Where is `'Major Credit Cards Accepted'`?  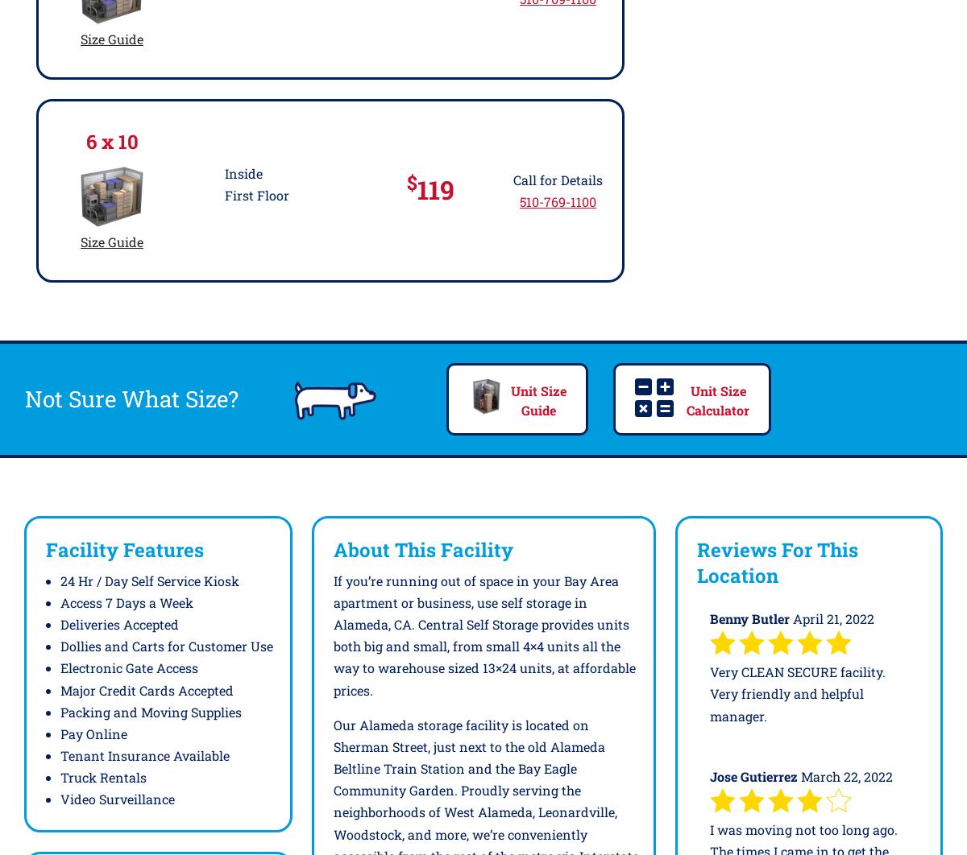 'Major Credit Cards Accepted' is located at coordinates (146, 688).